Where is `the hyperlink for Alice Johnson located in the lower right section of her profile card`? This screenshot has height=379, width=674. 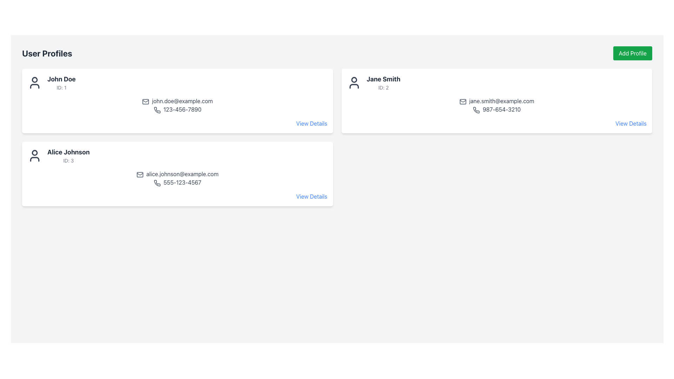 the hyperlink for Alice Johnson located in the lower right section of her profile card is located at coordinates (311, 123).